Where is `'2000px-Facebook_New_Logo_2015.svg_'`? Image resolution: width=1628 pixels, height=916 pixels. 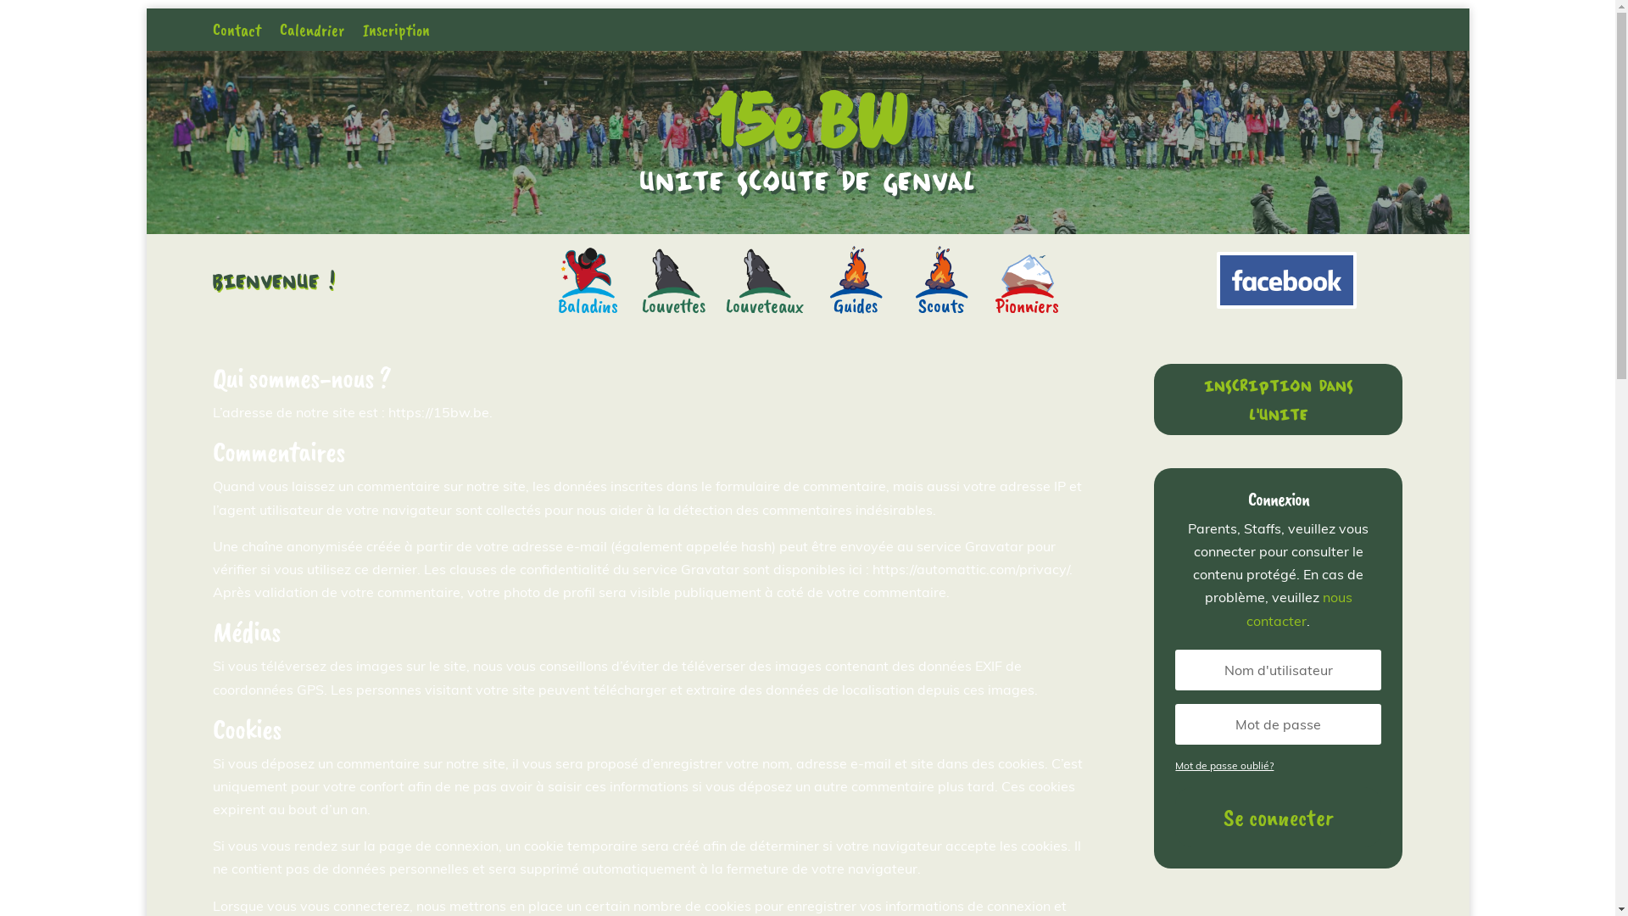
'2000px-Facebook_New_Logo_2015.svg_' is located at coordinates (1285, 279).